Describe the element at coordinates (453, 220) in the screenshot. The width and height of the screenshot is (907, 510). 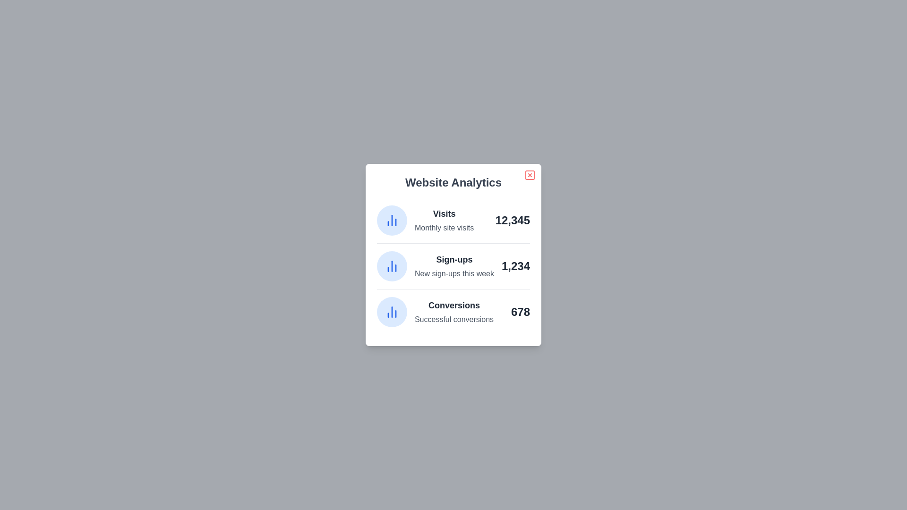
I see `the 'Visits' section to analyze its data` at that location.